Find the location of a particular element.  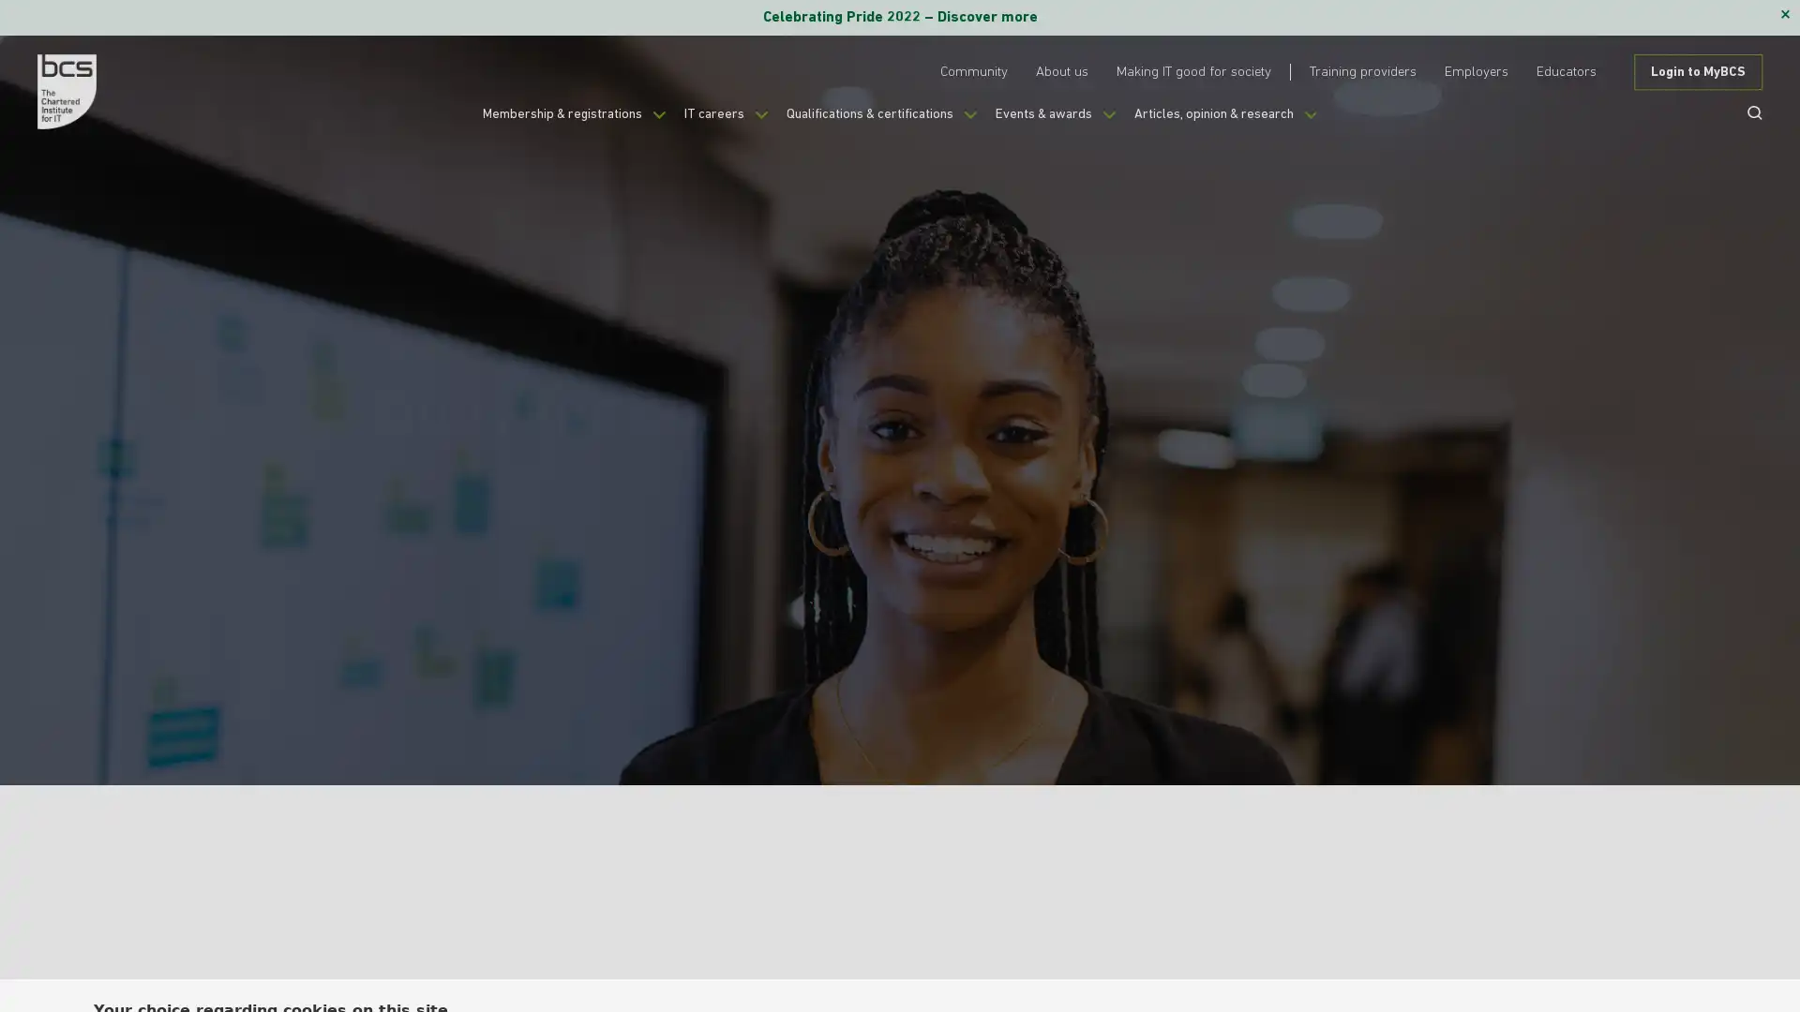

Close Cookie Control is located at coordinates (1705, 950).